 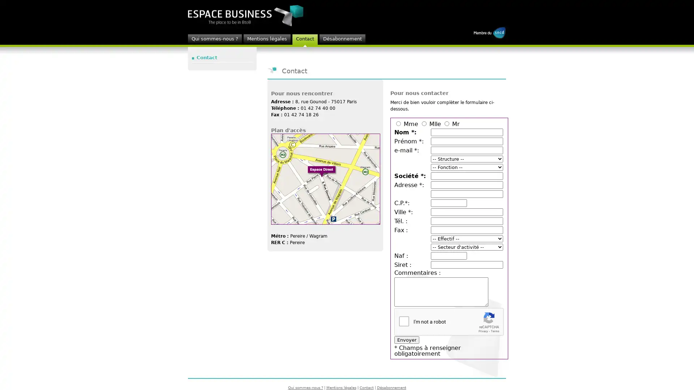 I want to click on Envoyer, so click(x=407, y=340).